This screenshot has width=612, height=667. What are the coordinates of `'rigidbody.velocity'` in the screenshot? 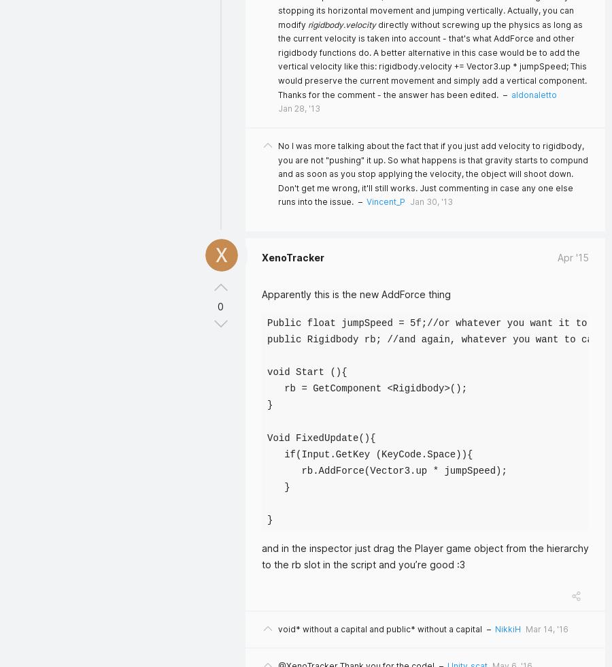 It's located at (307, 24).